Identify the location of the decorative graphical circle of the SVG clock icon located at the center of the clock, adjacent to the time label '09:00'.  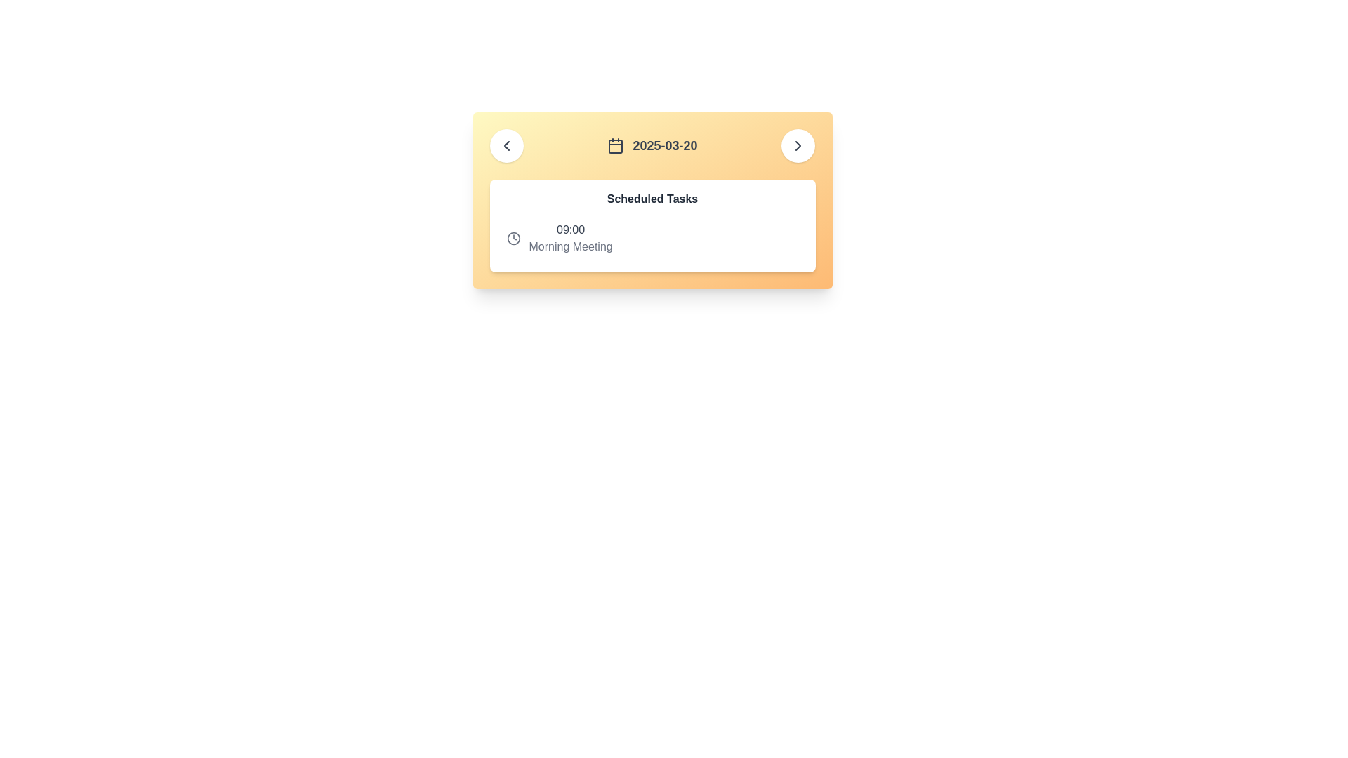
(513, 237).